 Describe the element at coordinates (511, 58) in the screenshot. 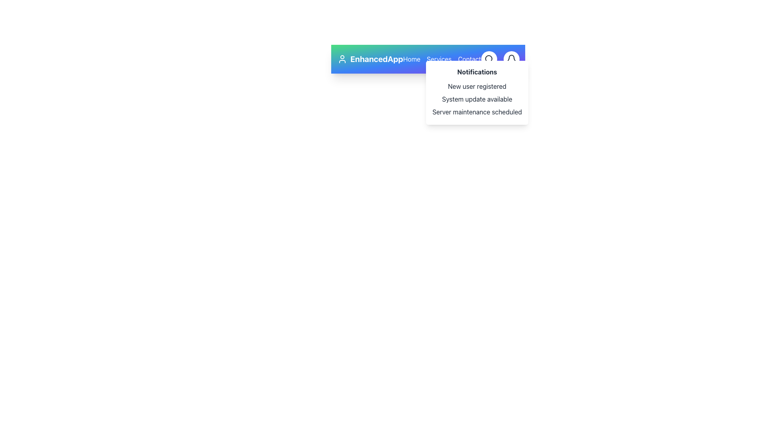

I see `the notification bell icon located at the top-right corner of the header bar, next to the circular profile icon` at that location.